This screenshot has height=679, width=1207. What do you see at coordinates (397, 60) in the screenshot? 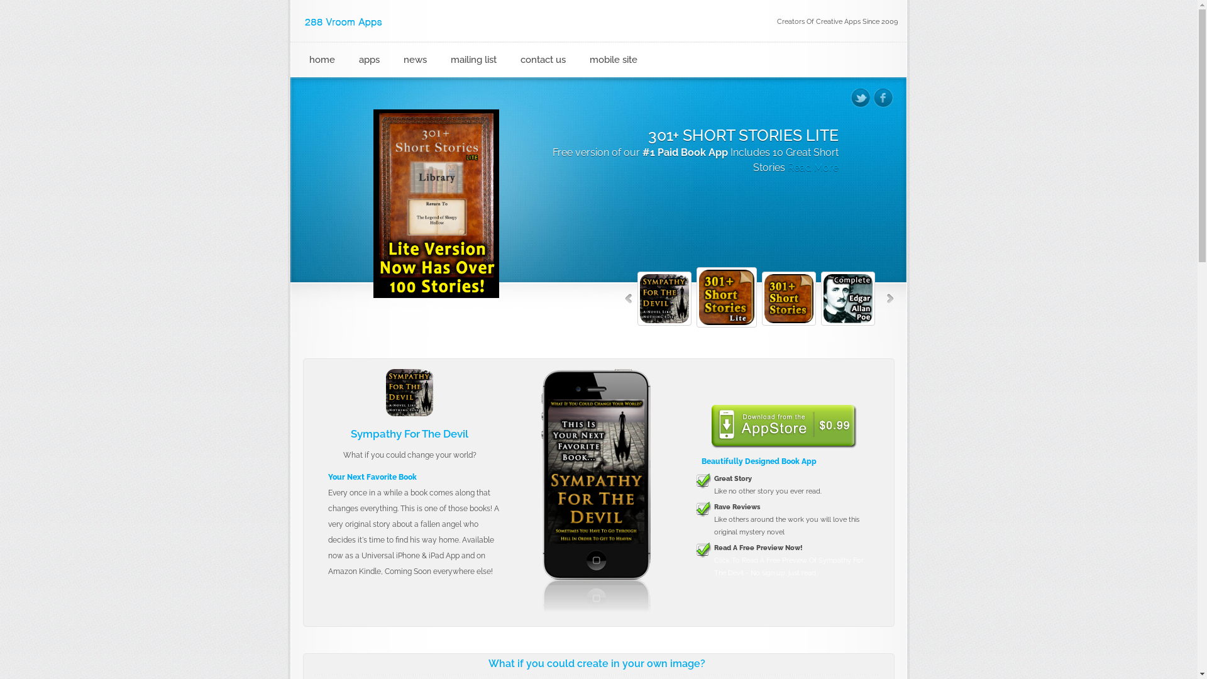
I see `'news'` at bounding box center [397, 60].